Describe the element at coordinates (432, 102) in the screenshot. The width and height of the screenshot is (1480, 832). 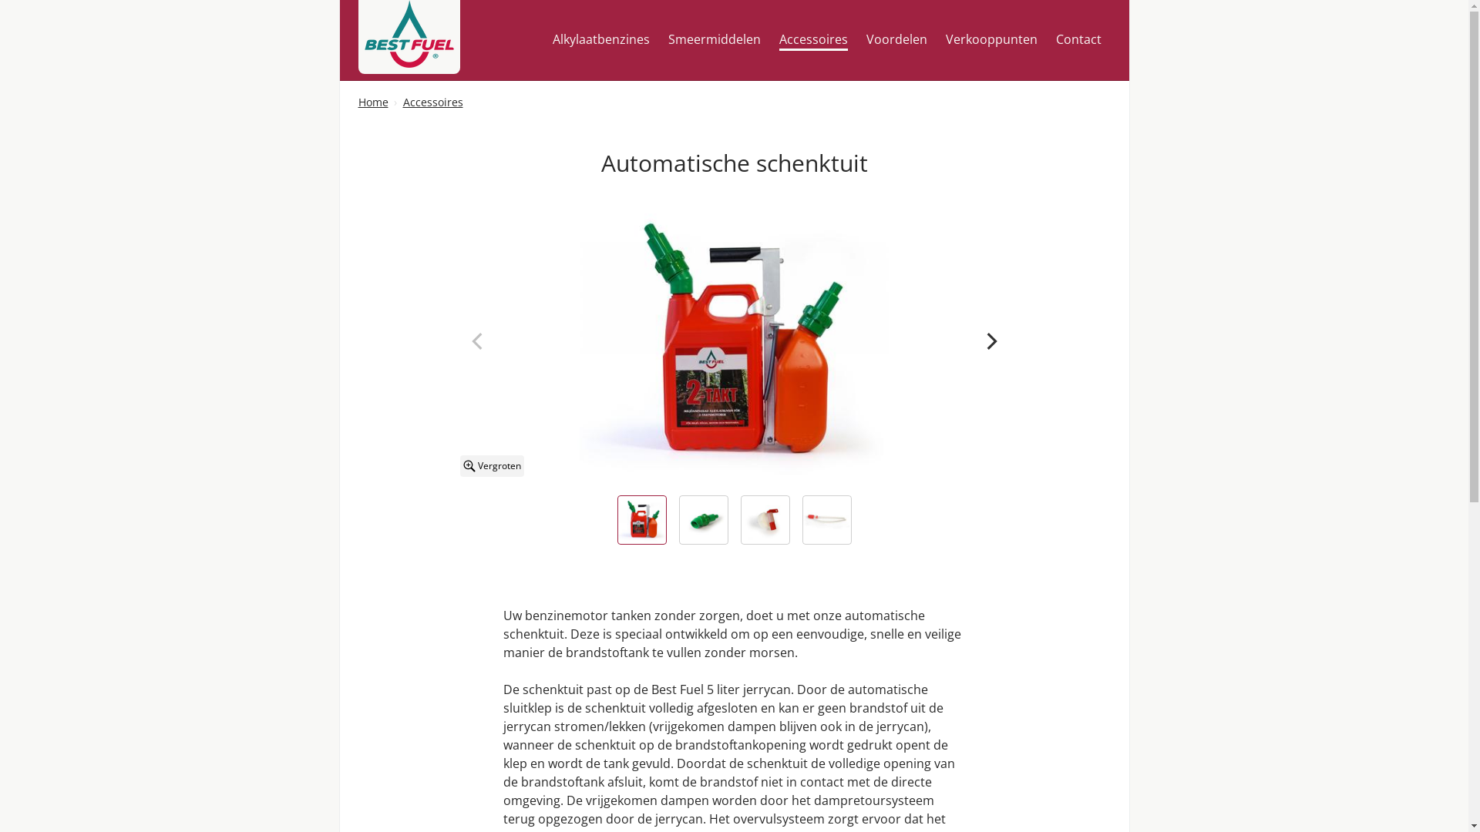
I see `'Accessoires'` at that location.